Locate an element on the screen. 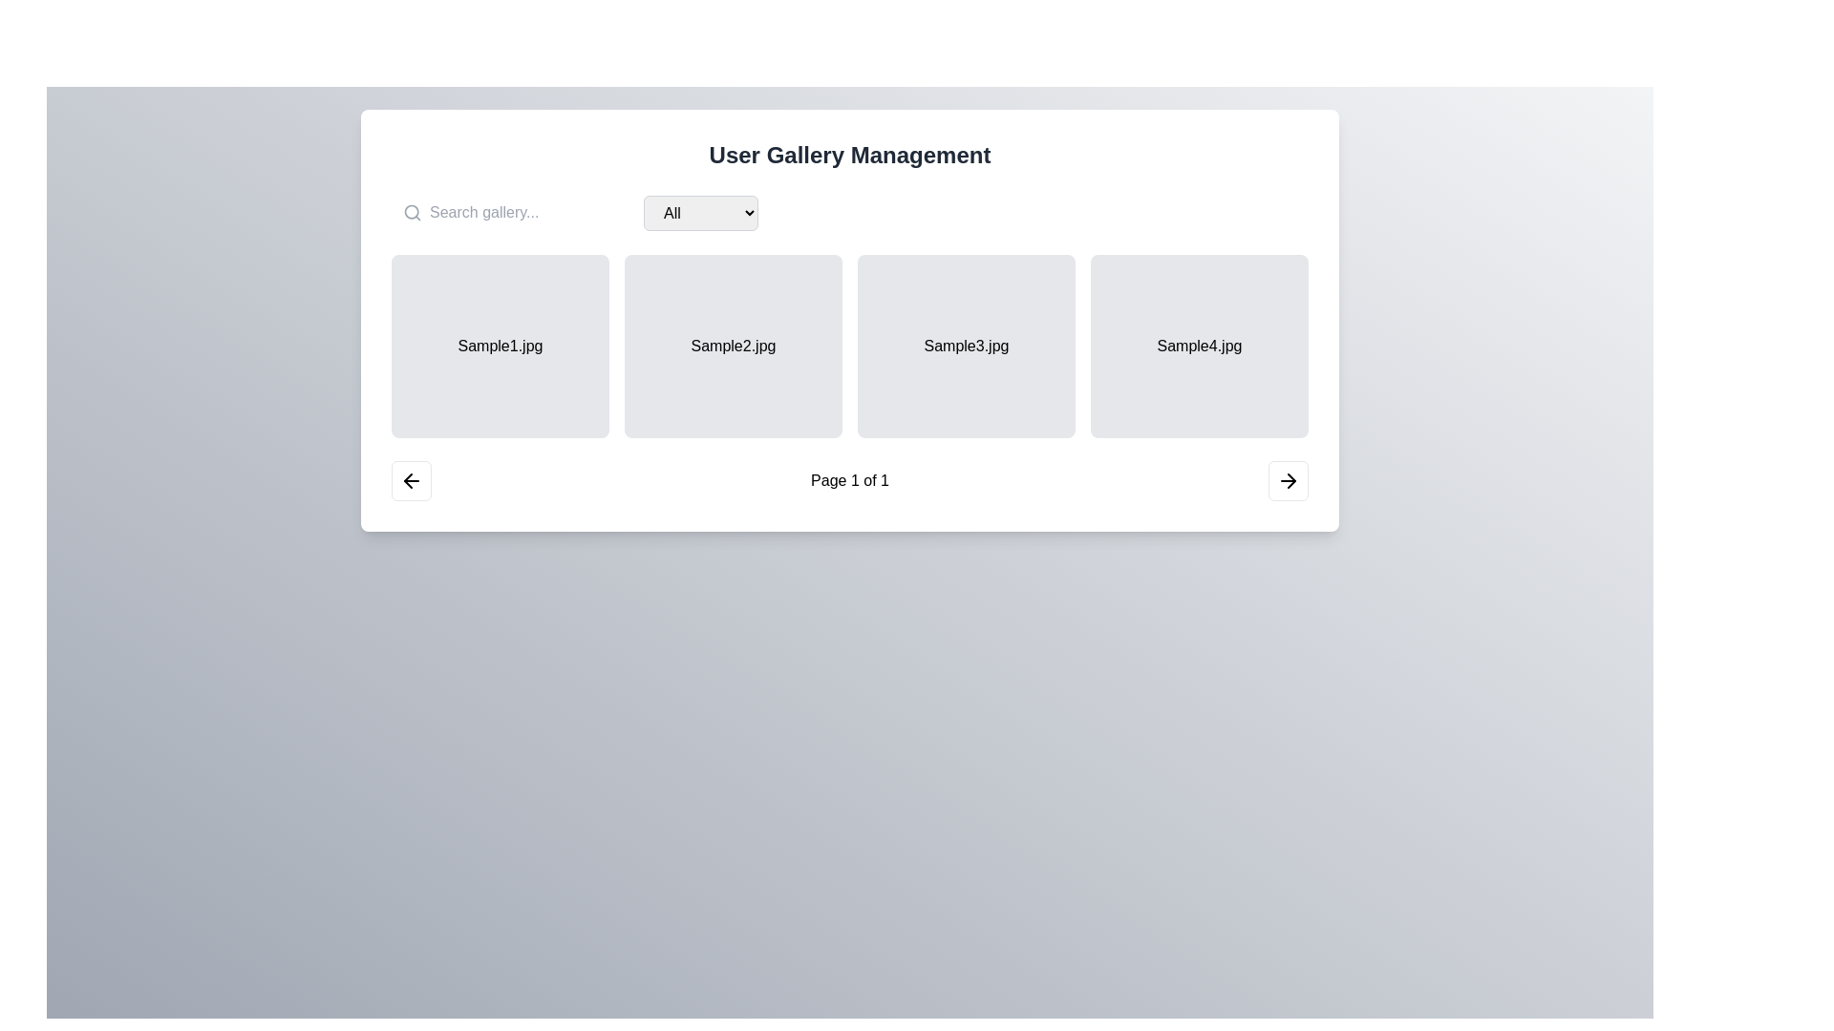  the central Text label that serves as the header or title for the page, providing context for the interface's purpose is located at coordinates (848, 154).